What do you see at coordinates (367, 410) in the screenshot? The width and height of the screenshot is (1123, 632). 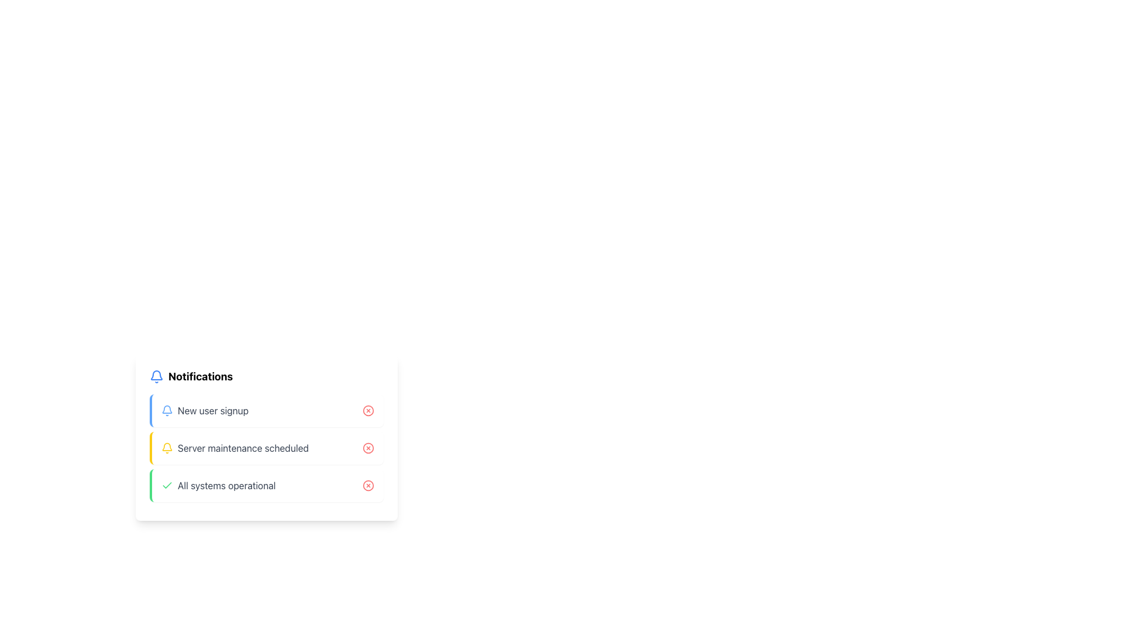 I see `the Close button located in the topmost notification entry labeled 'New user signup'` at bounding box center [367, 410].